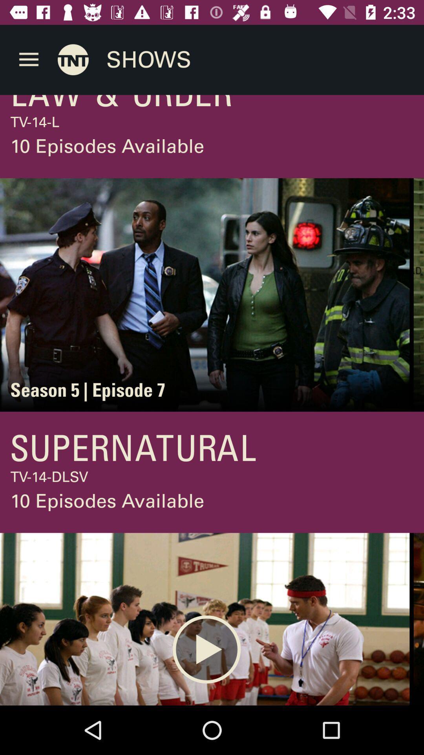  I want to click on home back, so click(73, 59).